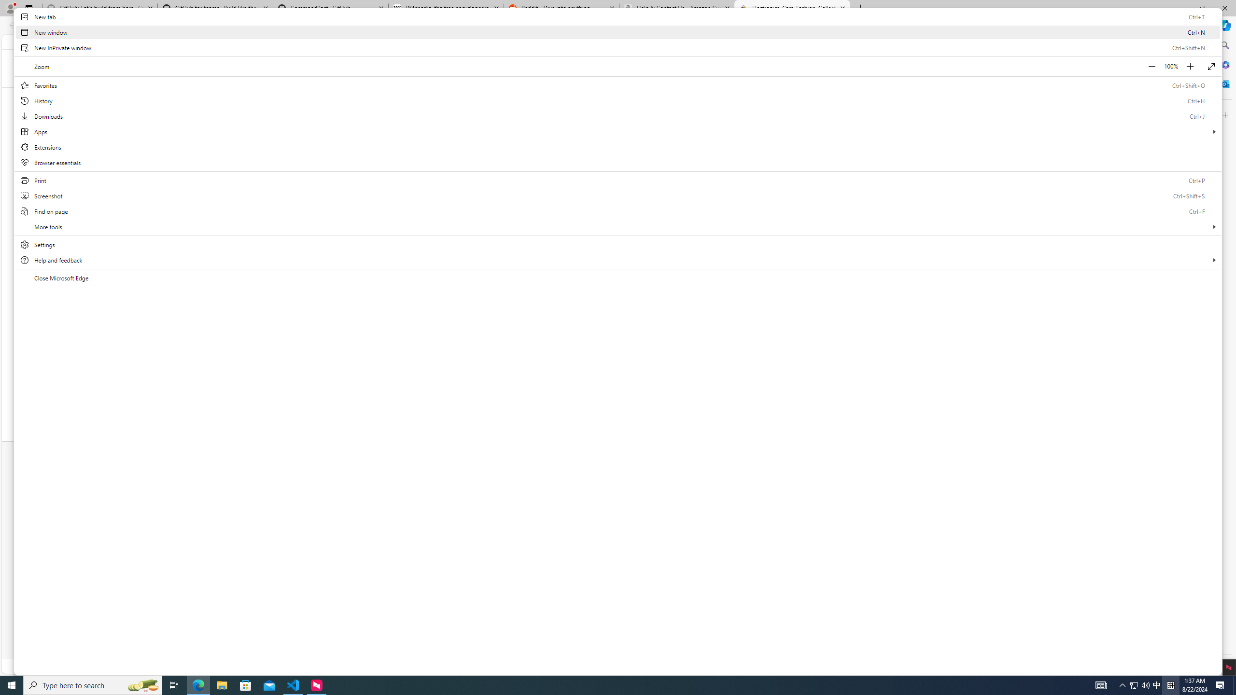  What do you see at coordinates (559, 26) in the screenshot?
I see `'Address and search bar'` at bounding box center [559, 26].